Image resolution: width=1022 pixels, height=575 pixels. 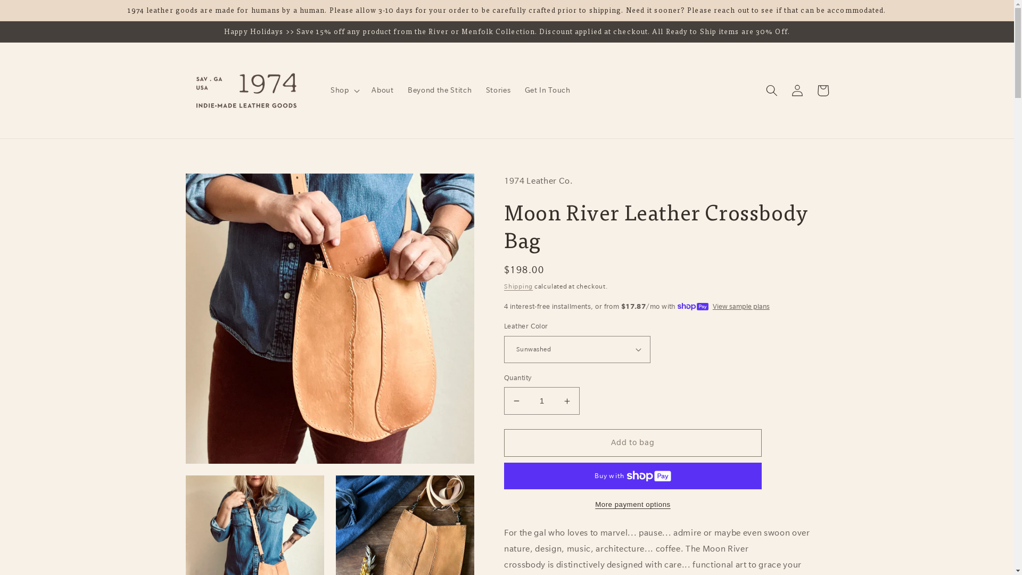 I want to click on 'Stories', so click(x=498, y=89).